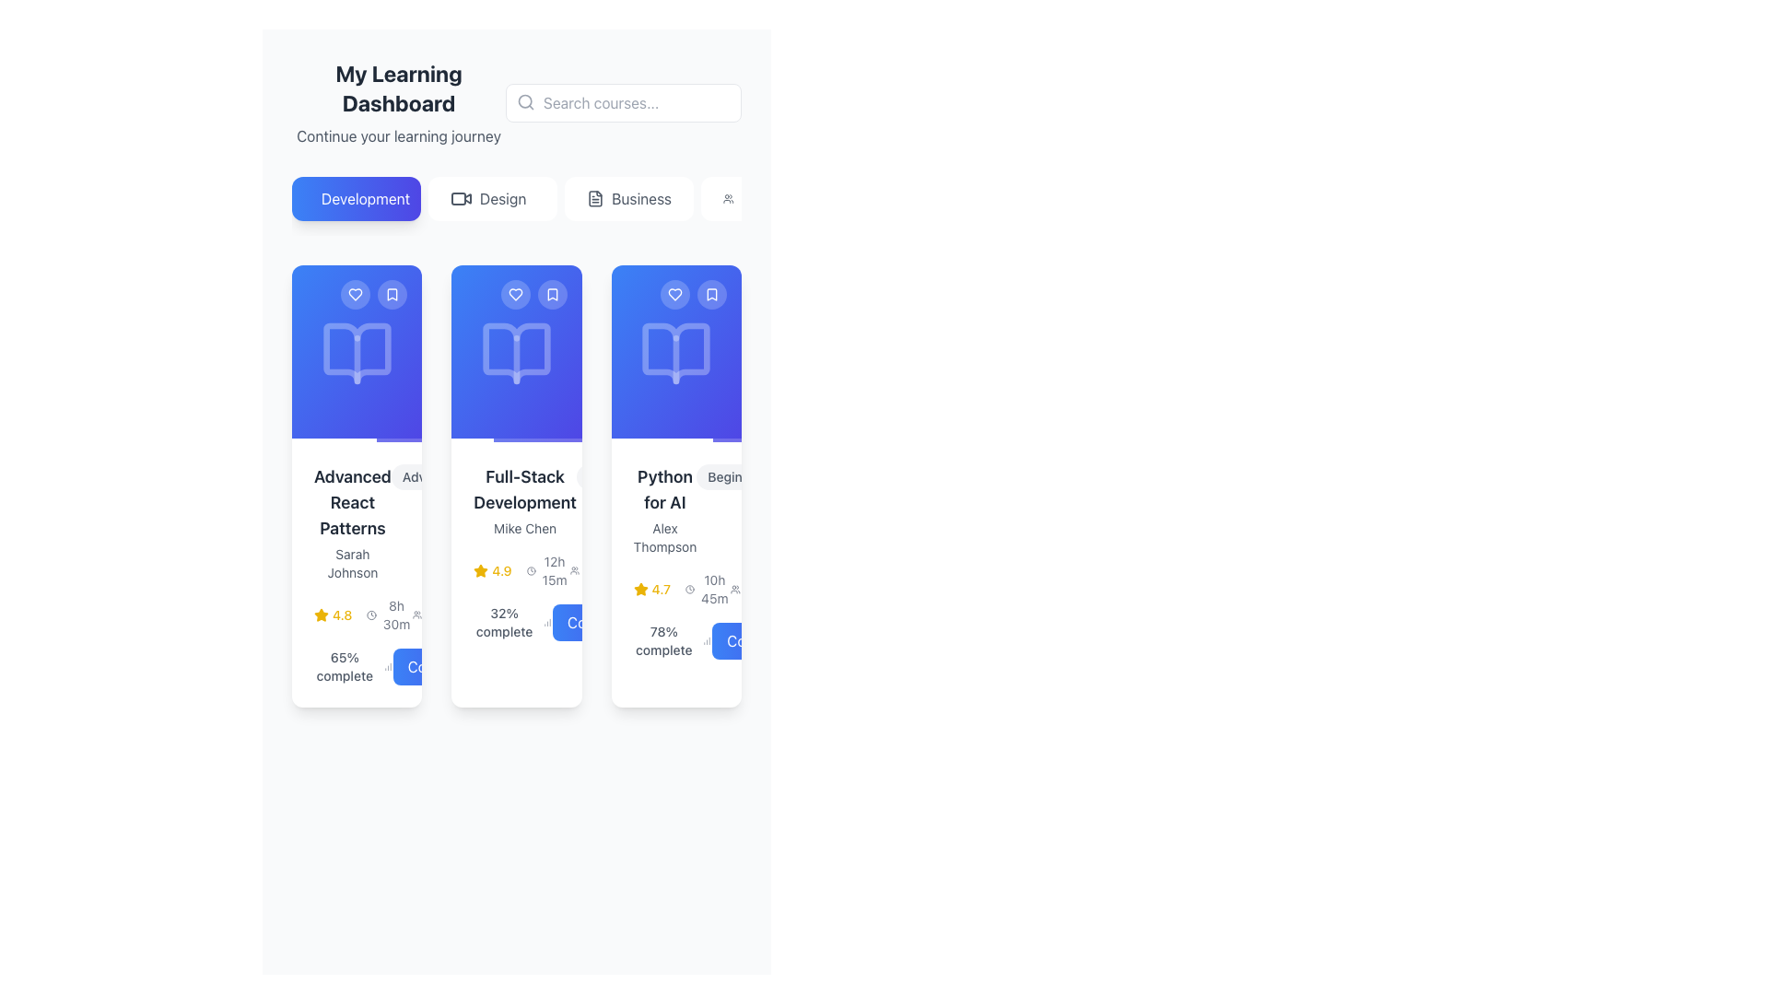  I want to click on text label that displays '65% complete' in gray color, located on the bottom-left of the first card, above a small chart icon and below the star rating information, to understand the completion percentage, so click(345, 667).